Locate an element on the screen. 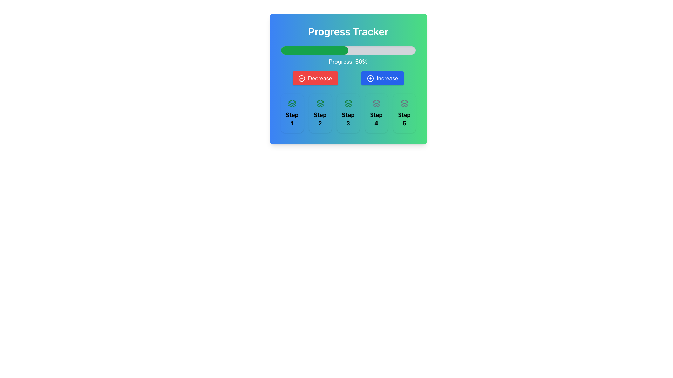  the 'Step 1' icon in the progress tracker interface, which is represented as an SVG component located inside the 'Step 1' card, positioned above the corresponding text is located at coordinates (292, 104).